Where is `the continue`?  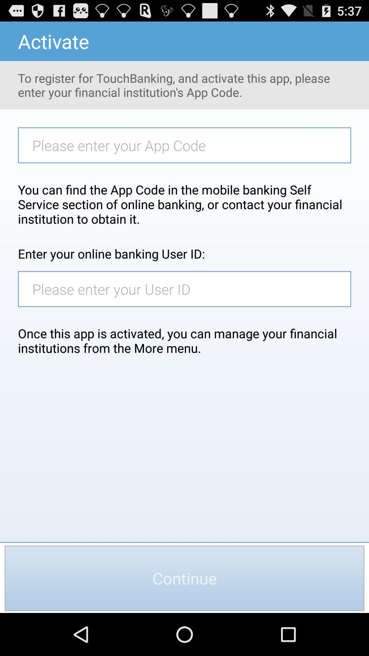
the continue is located at coordinates (184, 578).